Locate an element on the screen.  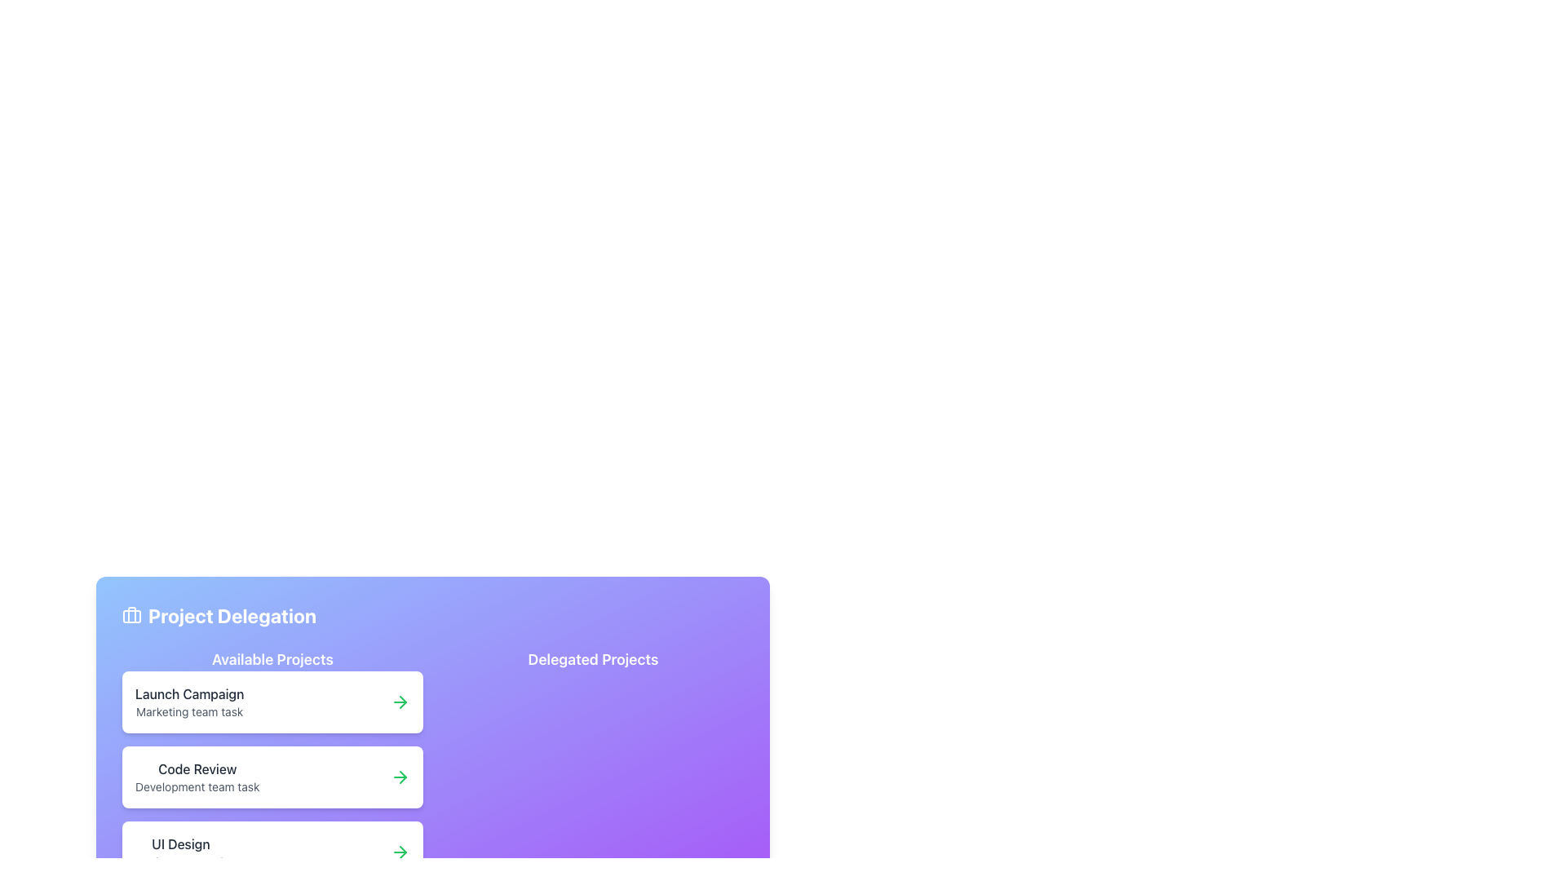
the static text label displaying 'Marketing team task', which is positioned directly below the 'Launch Campaign' label in the 'Available Projects' list is located at coordinates (189, 711).